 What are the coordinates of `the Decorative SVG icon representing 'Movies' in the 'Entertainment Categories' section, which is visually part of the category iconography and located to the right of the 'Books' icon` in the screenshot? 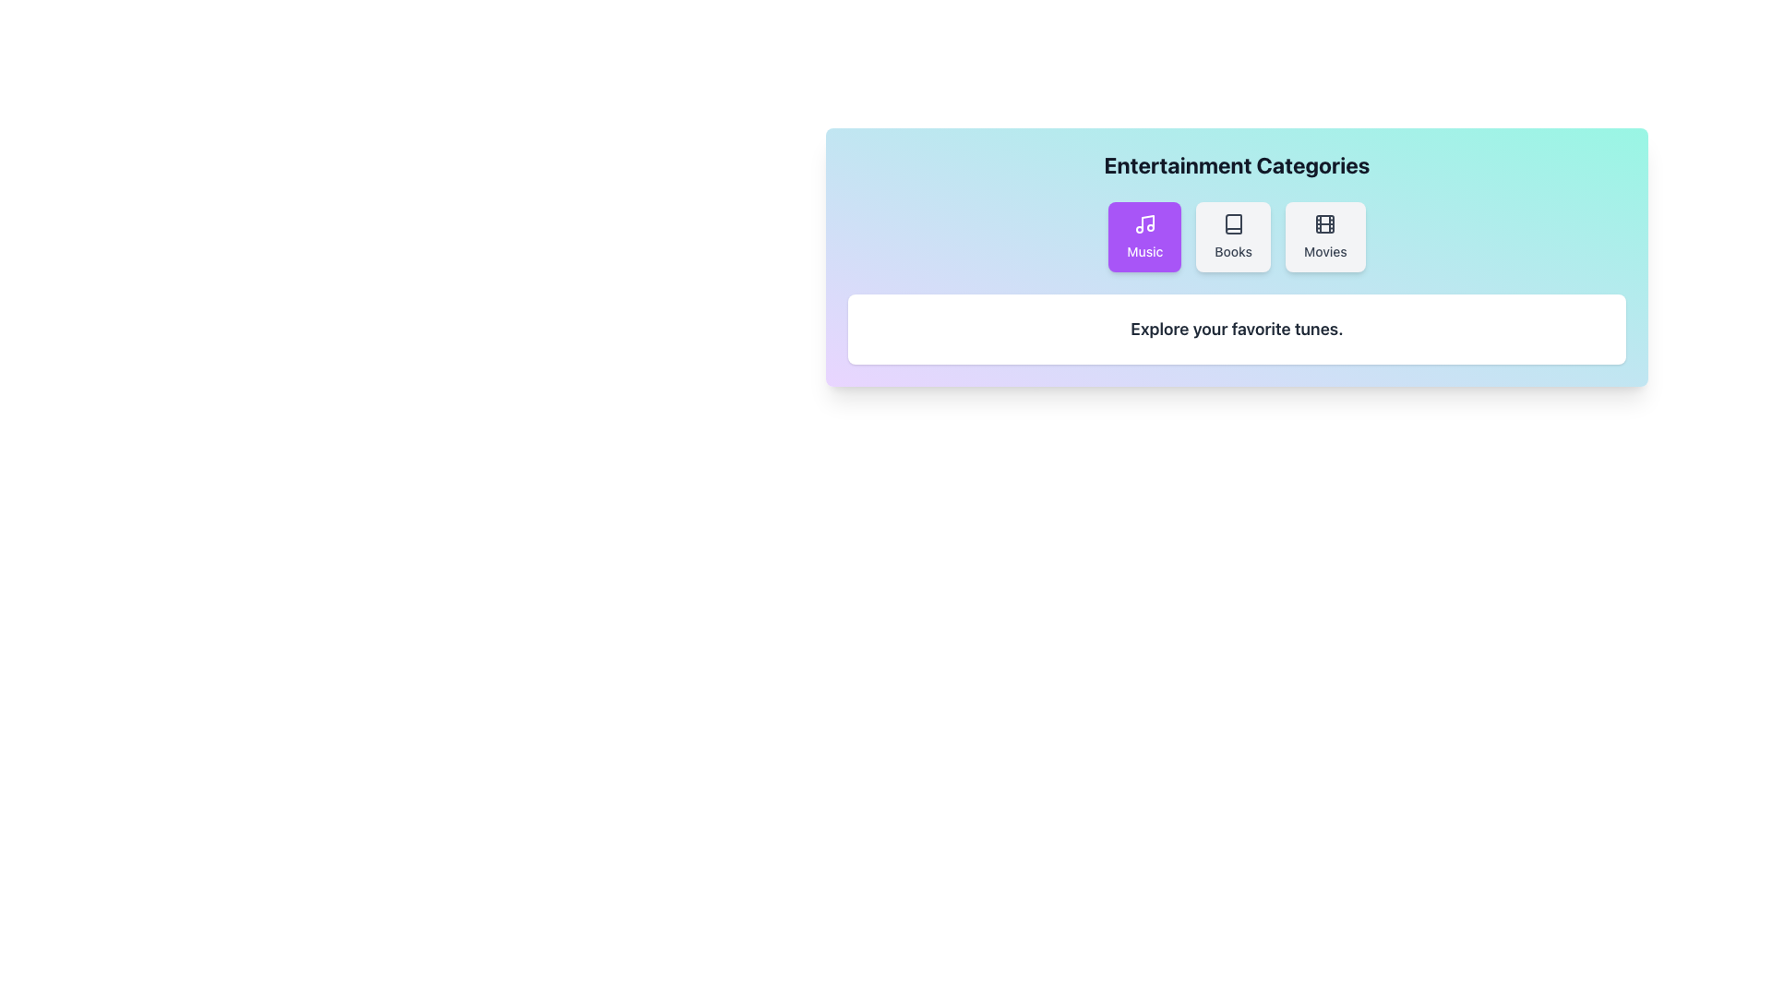 It's located at (1324, 223).